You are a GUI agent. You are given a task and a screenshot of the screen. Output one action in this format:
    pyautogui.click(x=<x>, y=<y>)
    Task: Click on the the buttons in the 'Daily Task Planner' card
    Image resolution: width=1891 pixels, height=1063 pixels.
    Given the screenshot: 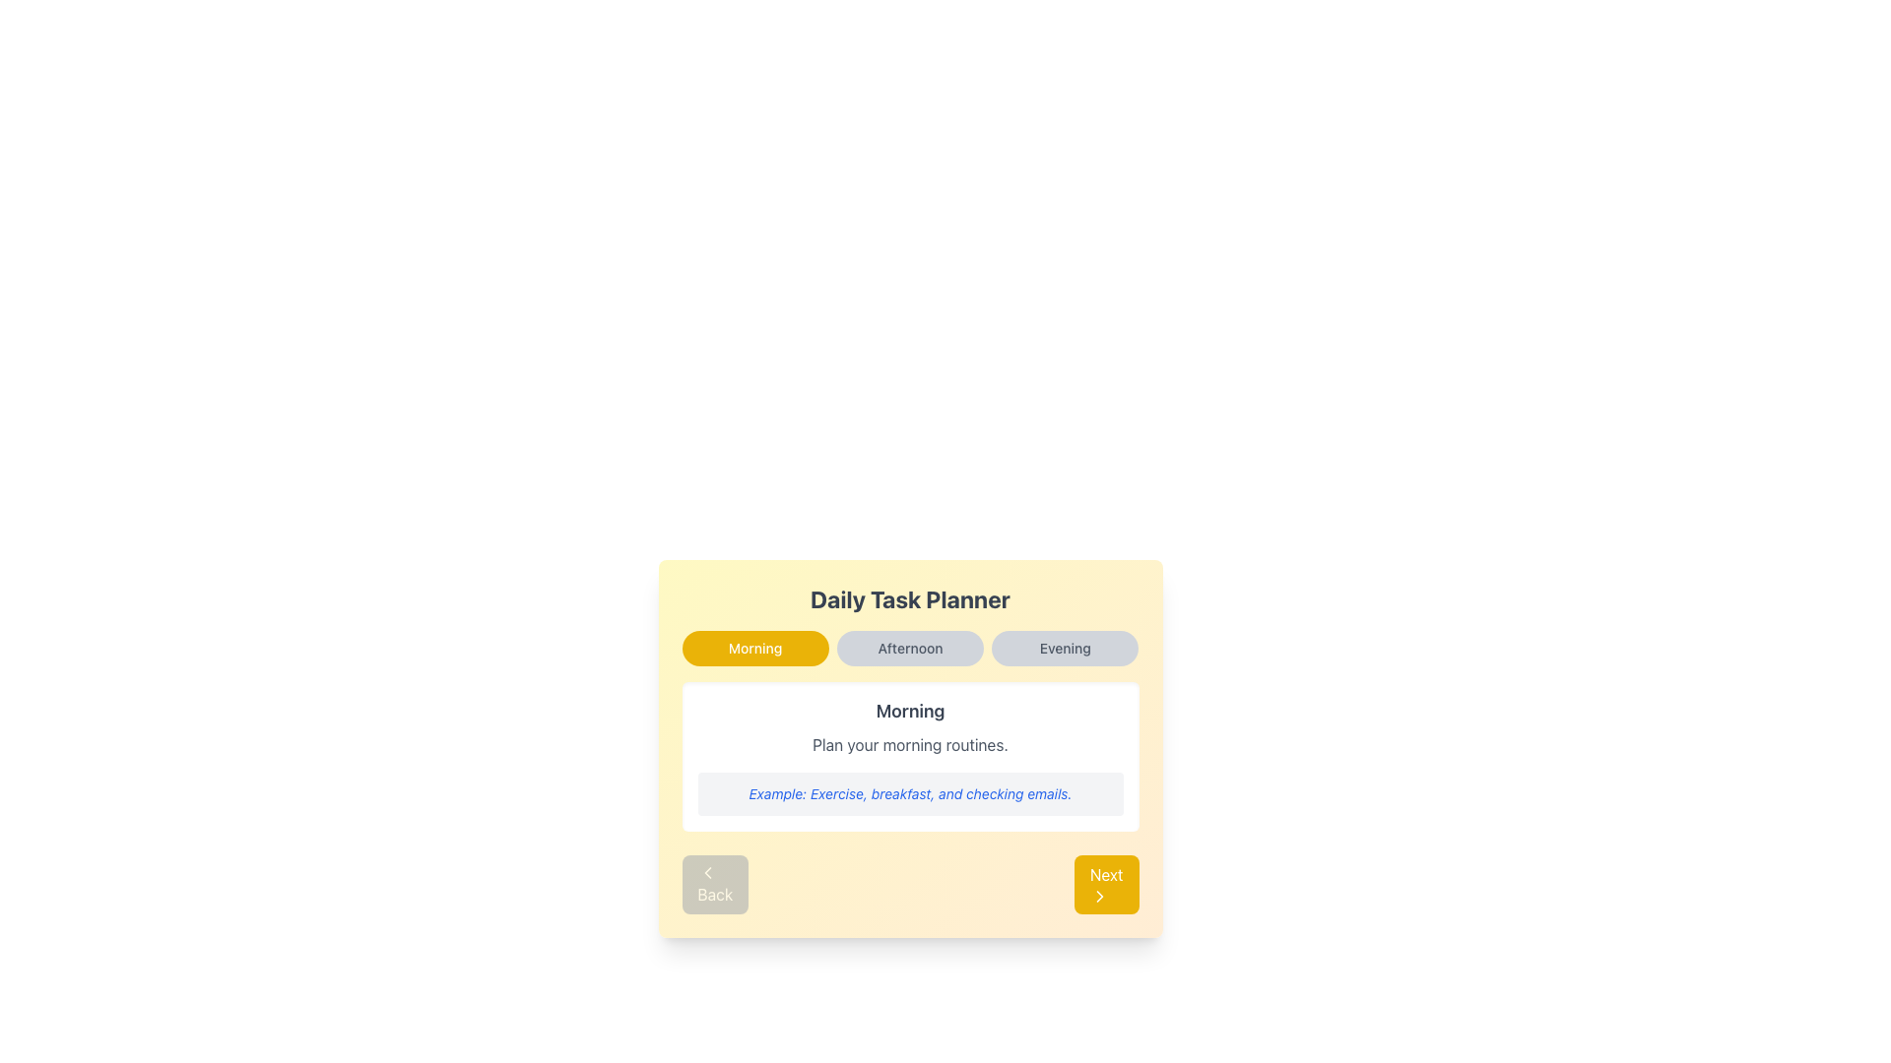 What is the action you would take?
    pyautogui.click(x=909, y=649)
    